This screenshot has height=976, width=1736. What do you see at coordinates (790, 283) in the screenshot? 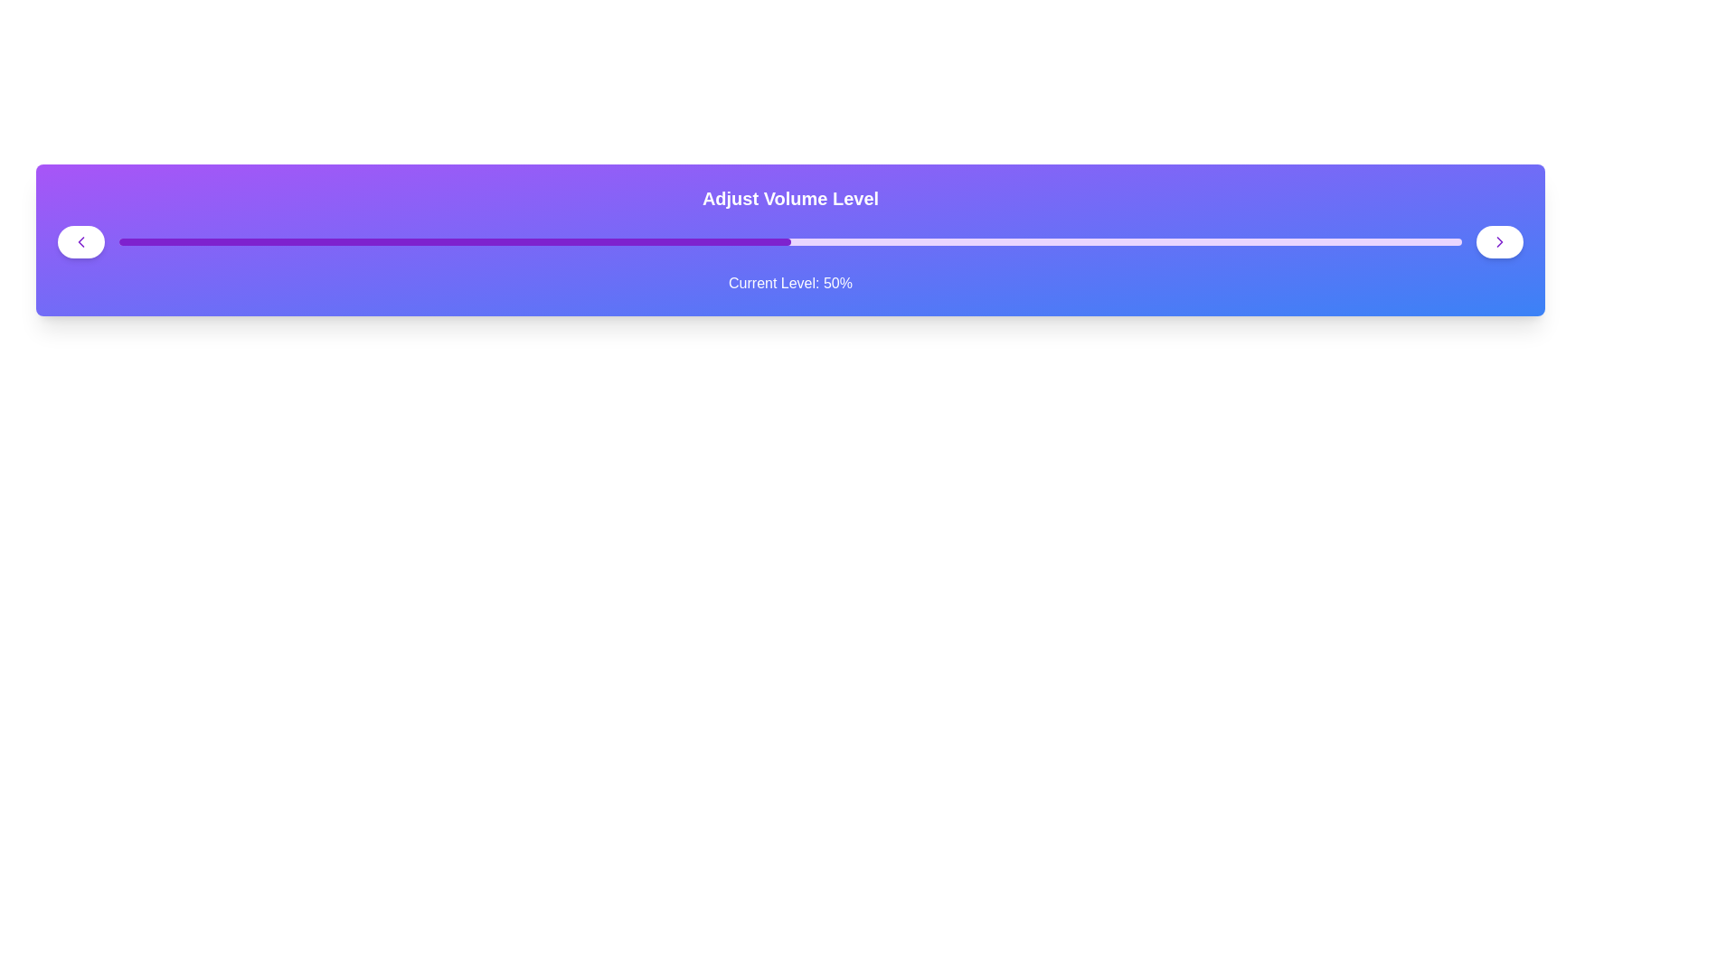
I see `the text display showing 'Current Level: 50%' to understand the current volume level` at bounding box center [790, 283].